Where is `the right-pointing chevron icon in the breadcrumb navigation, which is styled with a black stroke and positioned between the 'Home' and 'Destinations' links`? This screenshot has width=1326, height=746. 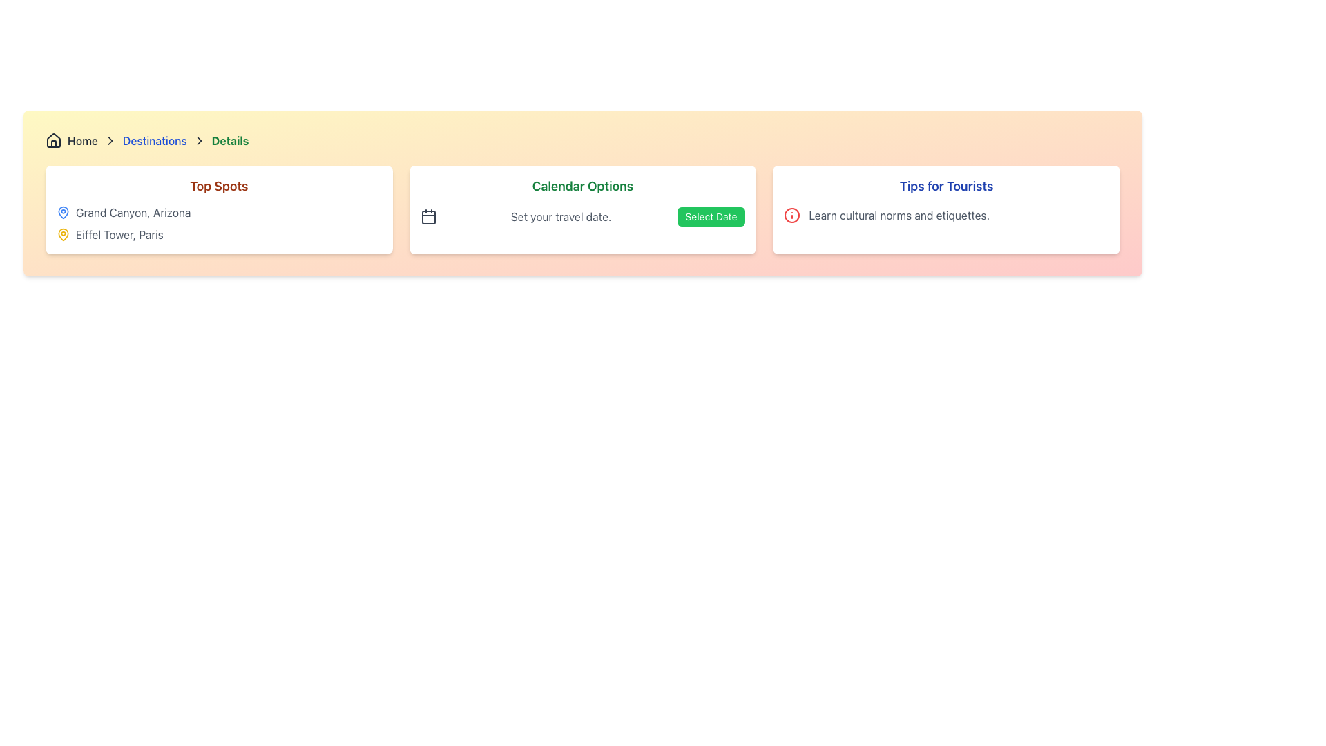 the right-pointing chevron icon in the breadcrumb navigation, which is styled with a black stroke and positioned between the 'Home' and 'Destinations' links is located at coordinates (109, 141).